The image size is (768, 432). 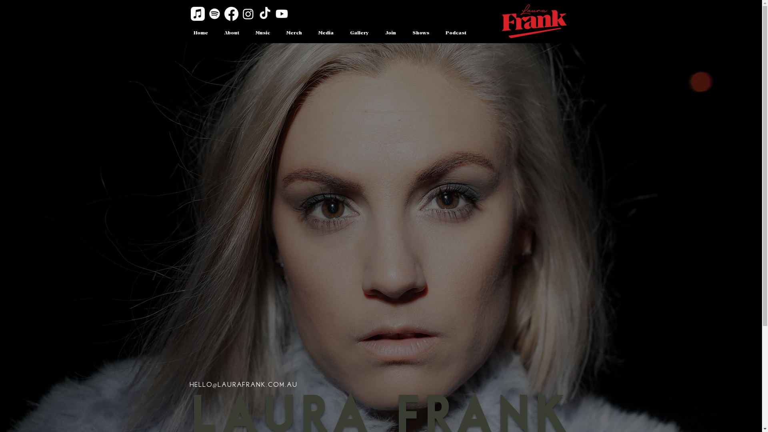 What do you see at coordinates (189, 384) in the screenshot?
I see `'hello@laurafrank.com.au'` at bounding box center [189, 384].